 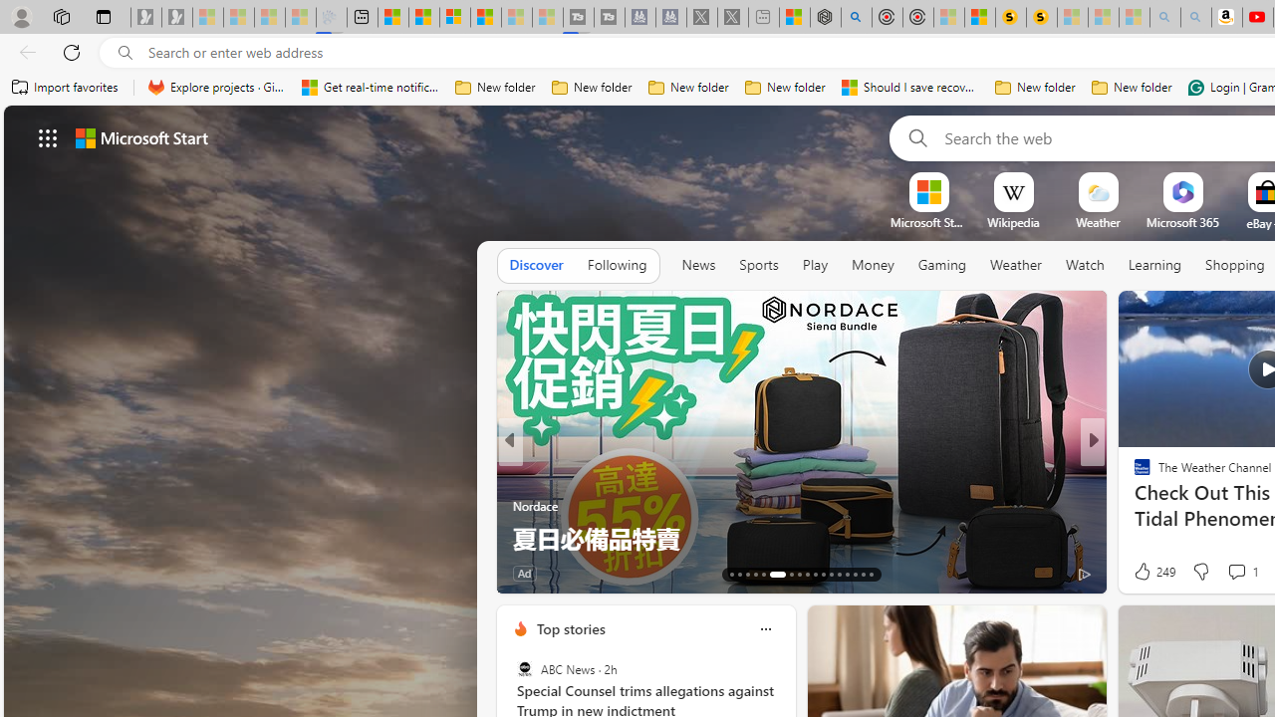 What do you see at coordinates (1084, 265) in the screenshot?
I see `'Watch'` at bounding box center [1084, 265].